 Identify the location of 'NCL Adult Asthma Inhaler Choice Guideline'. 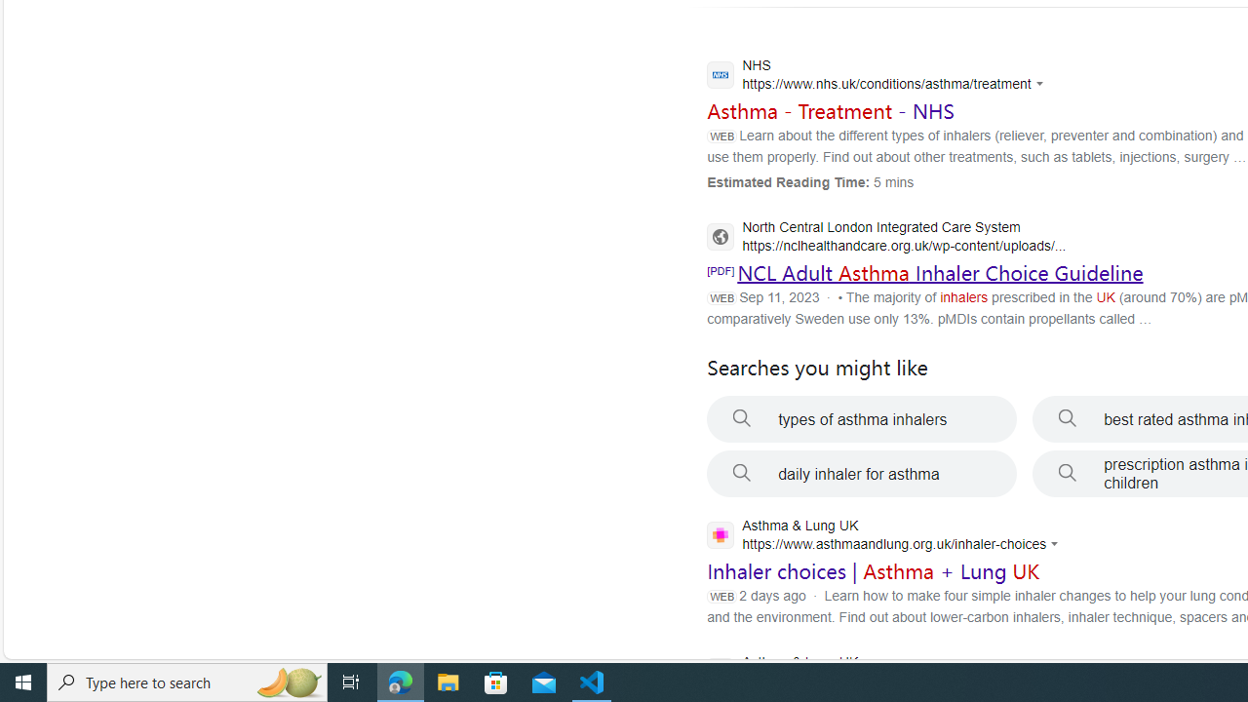
(940, 273).